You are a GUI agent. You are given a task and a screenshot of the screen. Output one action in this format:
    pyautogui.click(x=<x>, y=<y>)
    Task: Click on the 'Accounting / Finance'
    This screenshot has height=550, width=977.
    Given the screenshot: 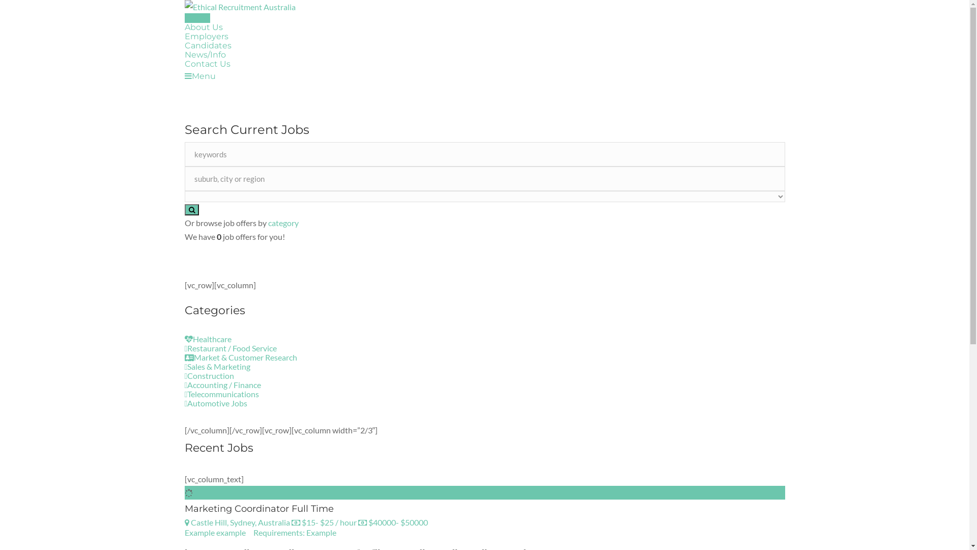 What is the action you would take?
    pyautogui.click(x=222, y=384)
    